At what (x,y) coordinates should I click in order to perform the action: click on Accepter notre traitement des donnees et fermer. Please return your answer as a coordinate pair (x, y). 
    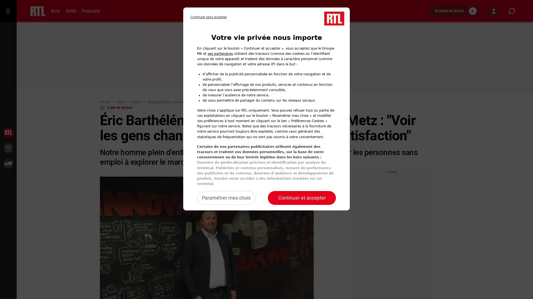
    Looking at the image, I should click on (301, 197).